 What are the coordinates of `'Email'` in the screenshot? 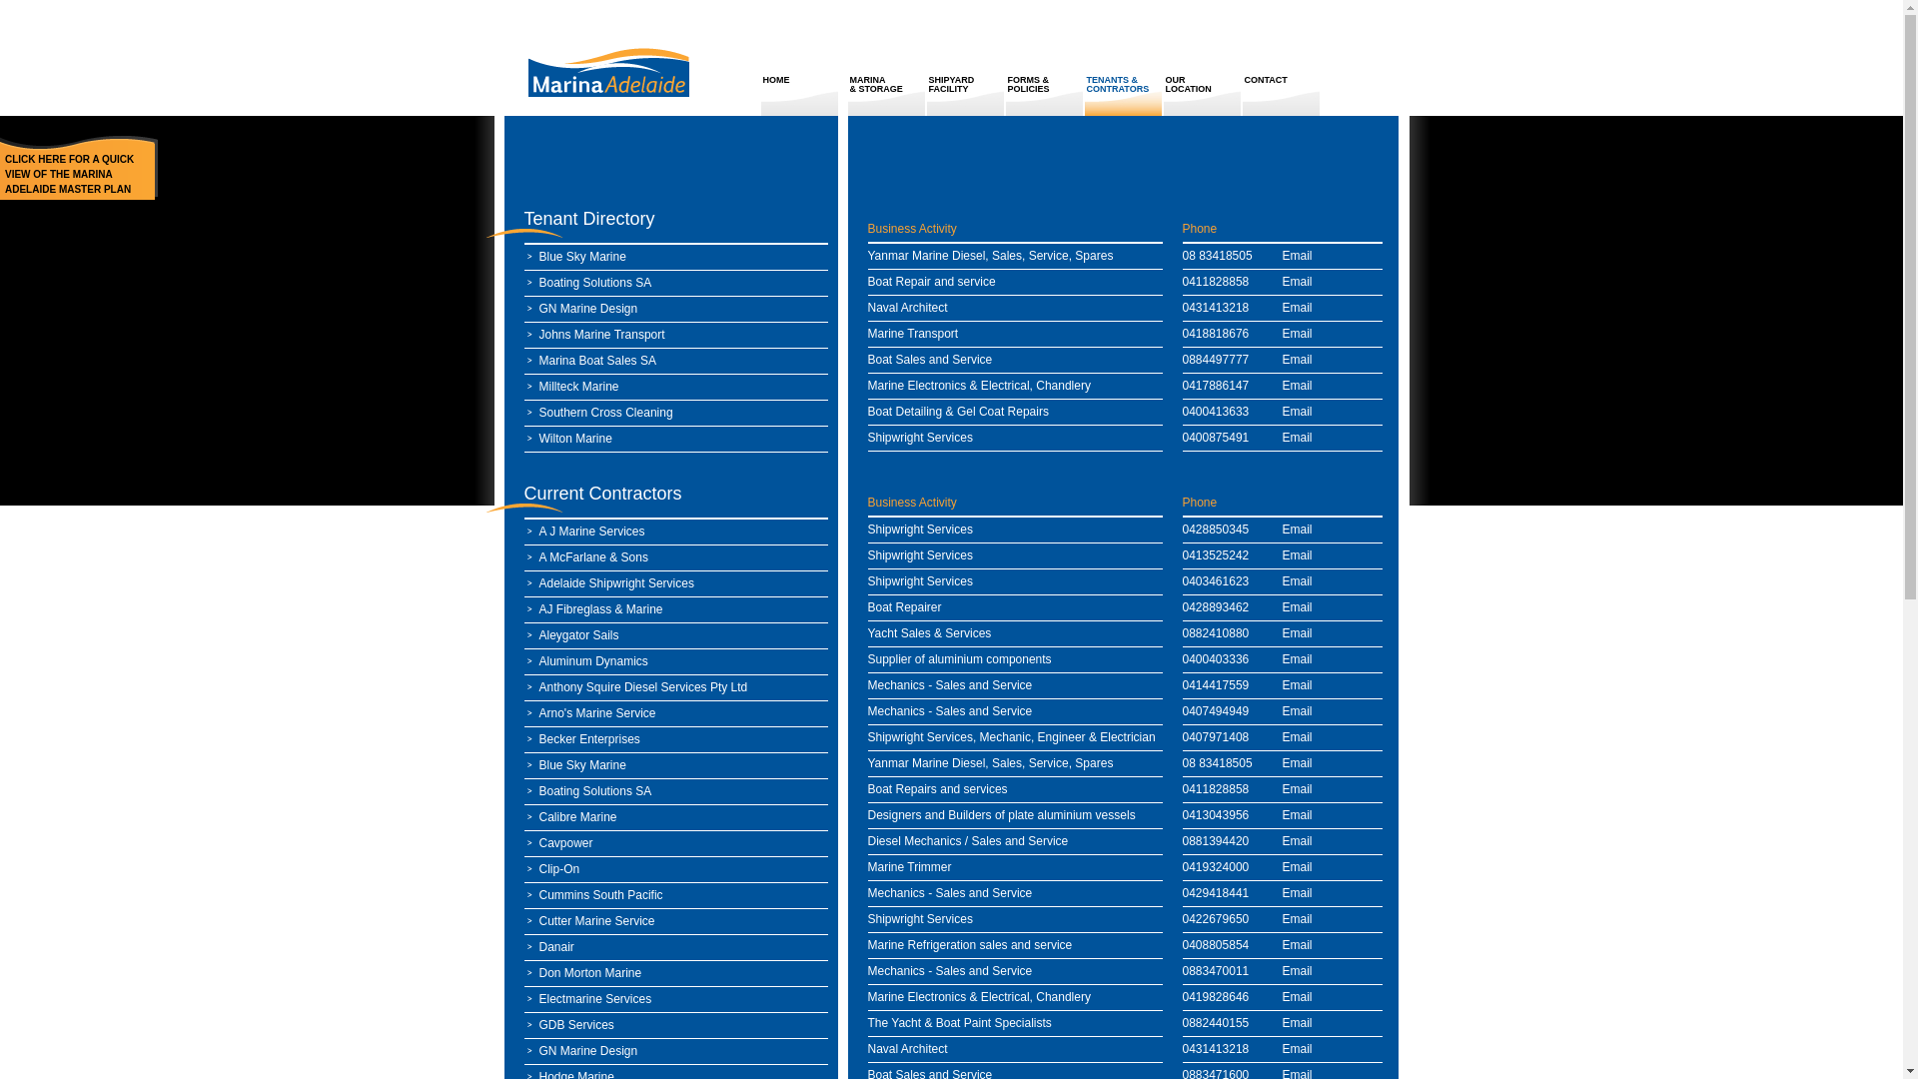 It's located at (1298, 385).